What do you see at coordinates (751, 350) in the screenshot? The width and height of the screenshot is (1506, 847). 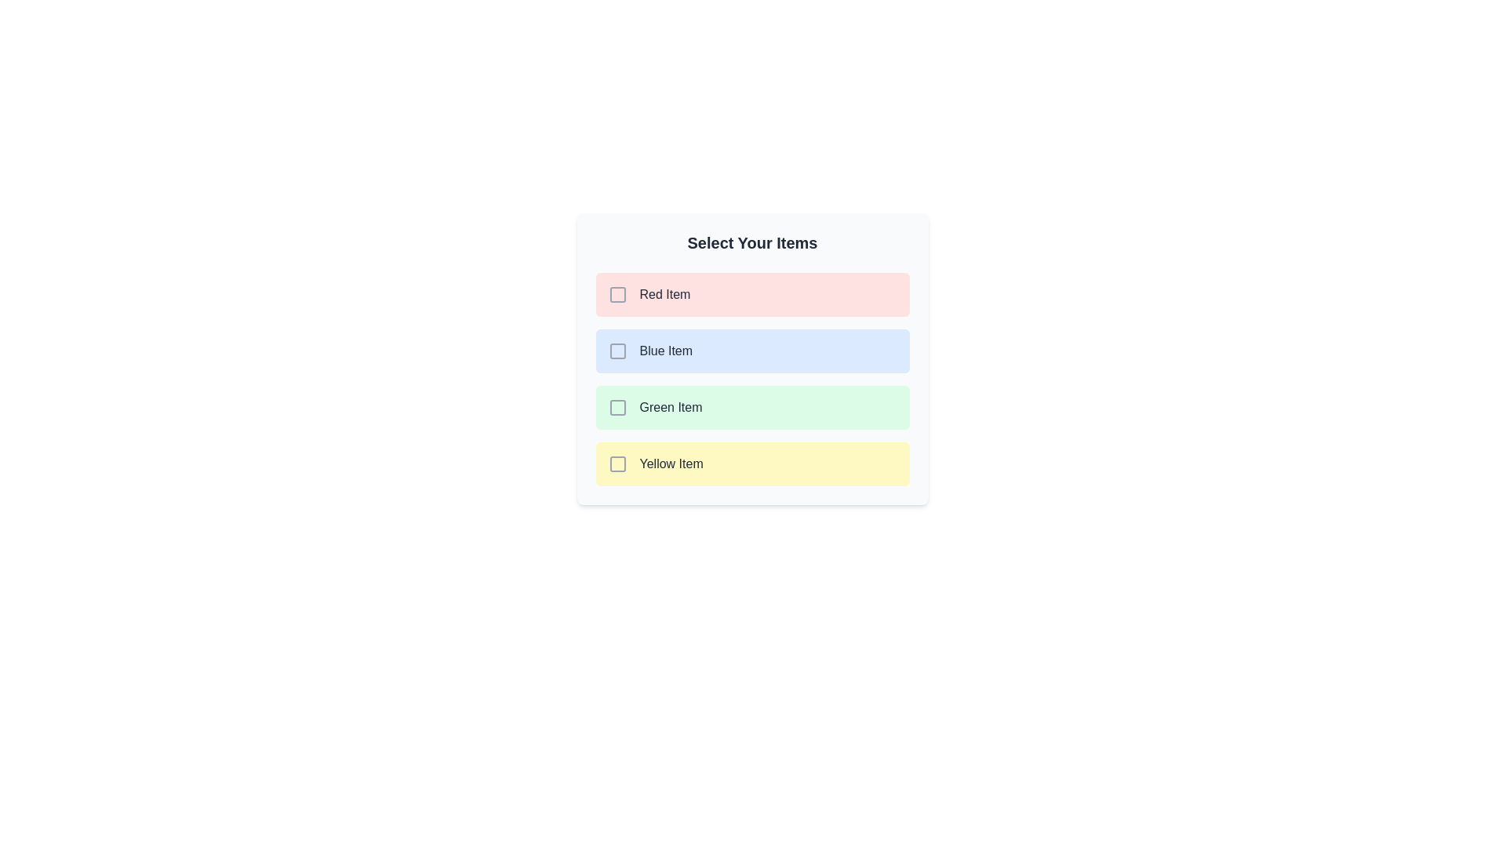 I see `the item Blue Item` at bounding box center [751, 350].